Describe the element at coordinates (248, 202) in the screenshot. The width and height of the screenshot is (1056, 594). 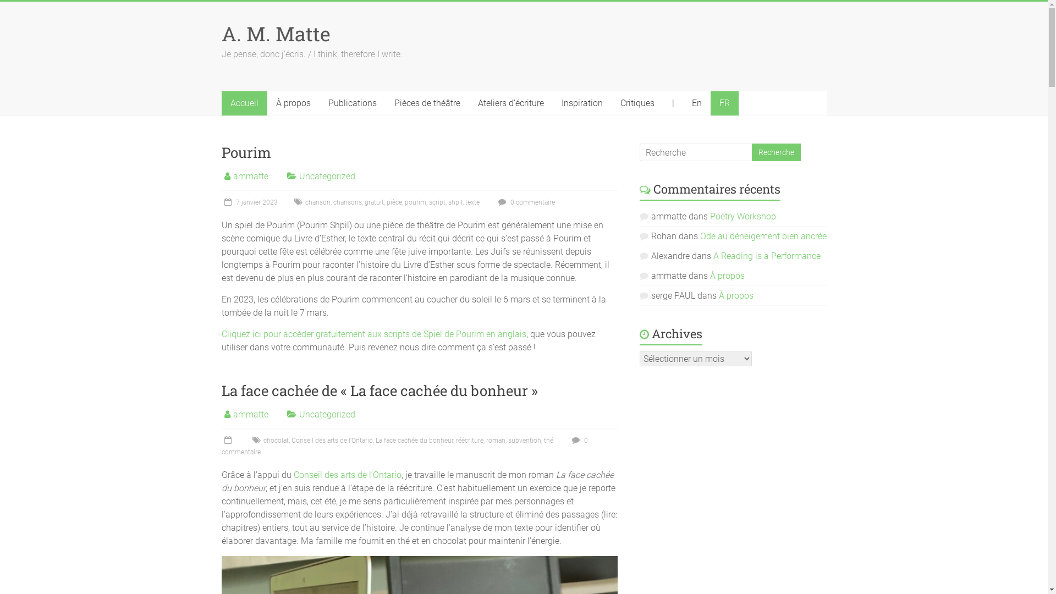
I see `'7 janvier 2023'` at that location.